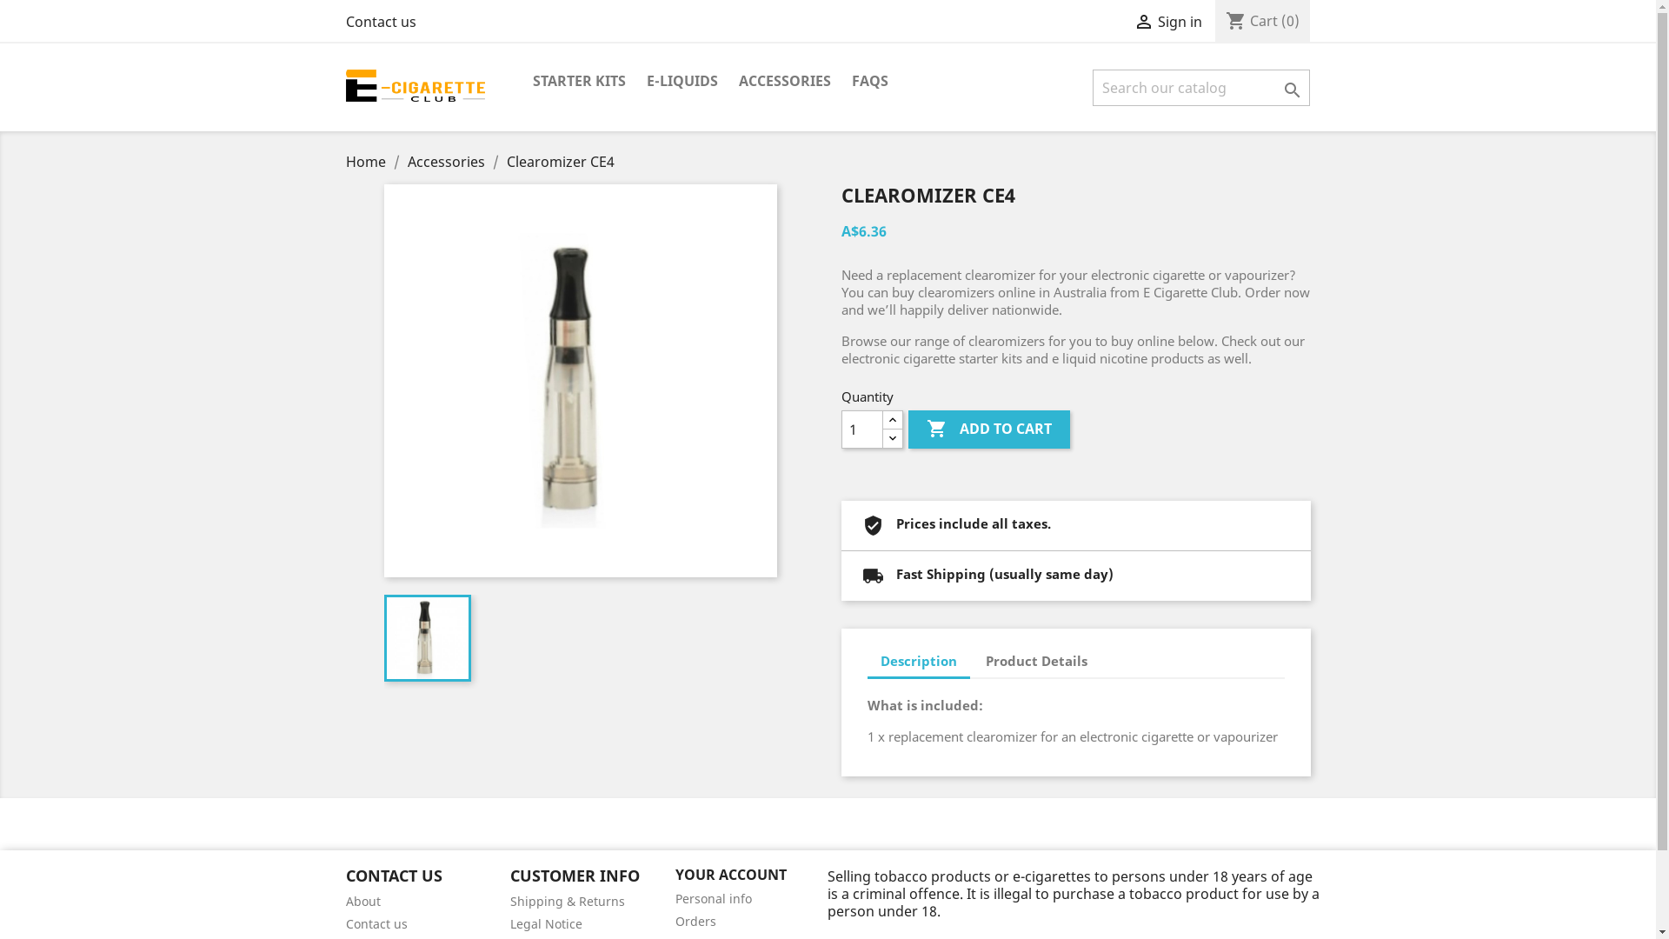 The image size is (1669, 939). I want to click on 'Description', so click(917, 663).